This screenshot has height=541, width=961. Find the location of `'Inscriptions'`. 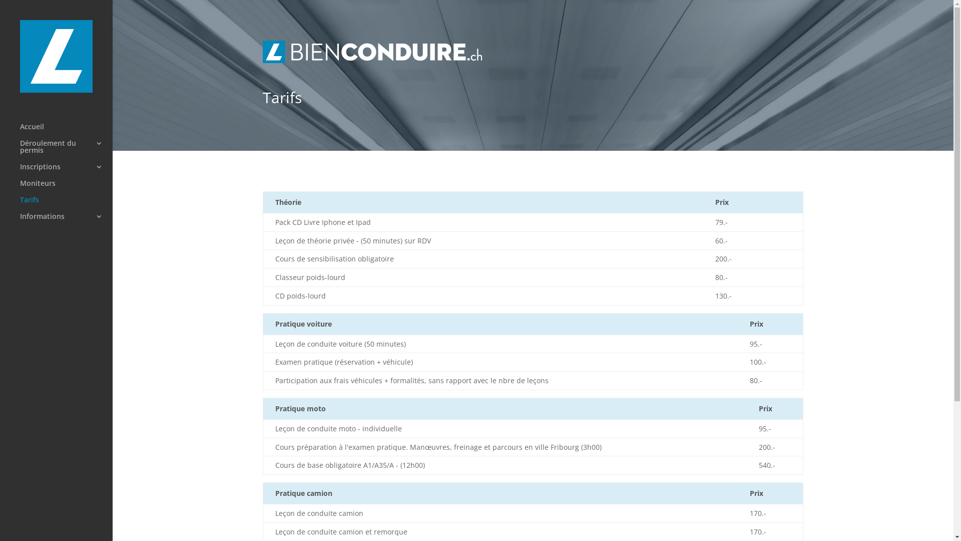

'Inscriptions' is located at coordinates (20, 171).